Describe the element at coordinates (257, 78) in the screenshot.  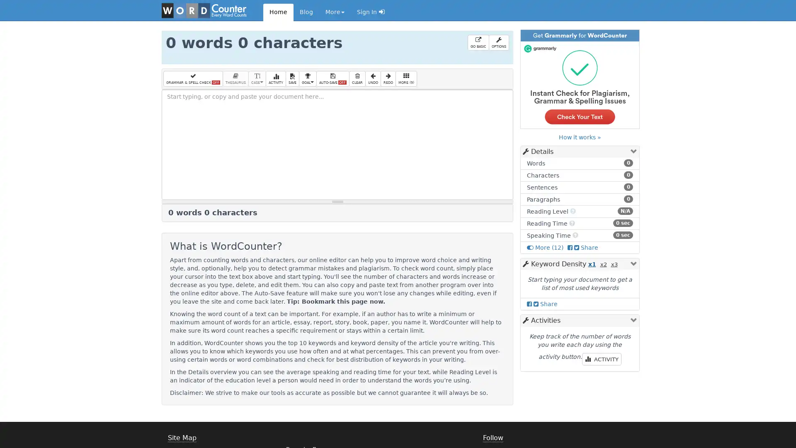
I see `CASE` at that location.